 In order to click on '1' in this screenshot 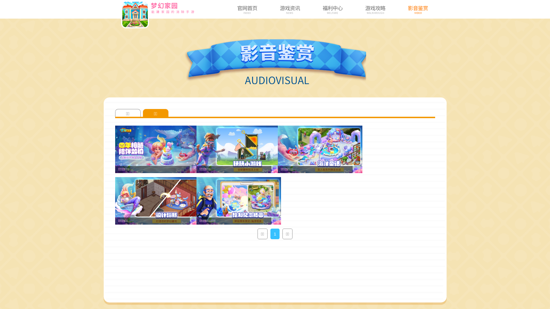, I will do `click(275, 234)`.